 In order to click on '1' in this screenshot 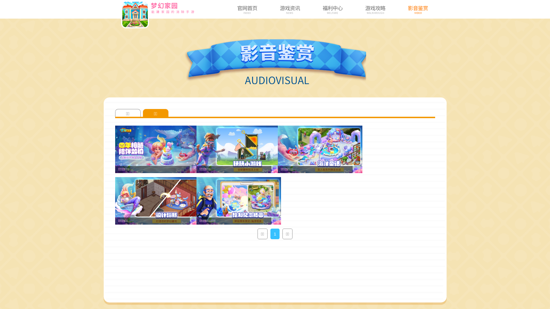, I will do `click(275, 234)`.